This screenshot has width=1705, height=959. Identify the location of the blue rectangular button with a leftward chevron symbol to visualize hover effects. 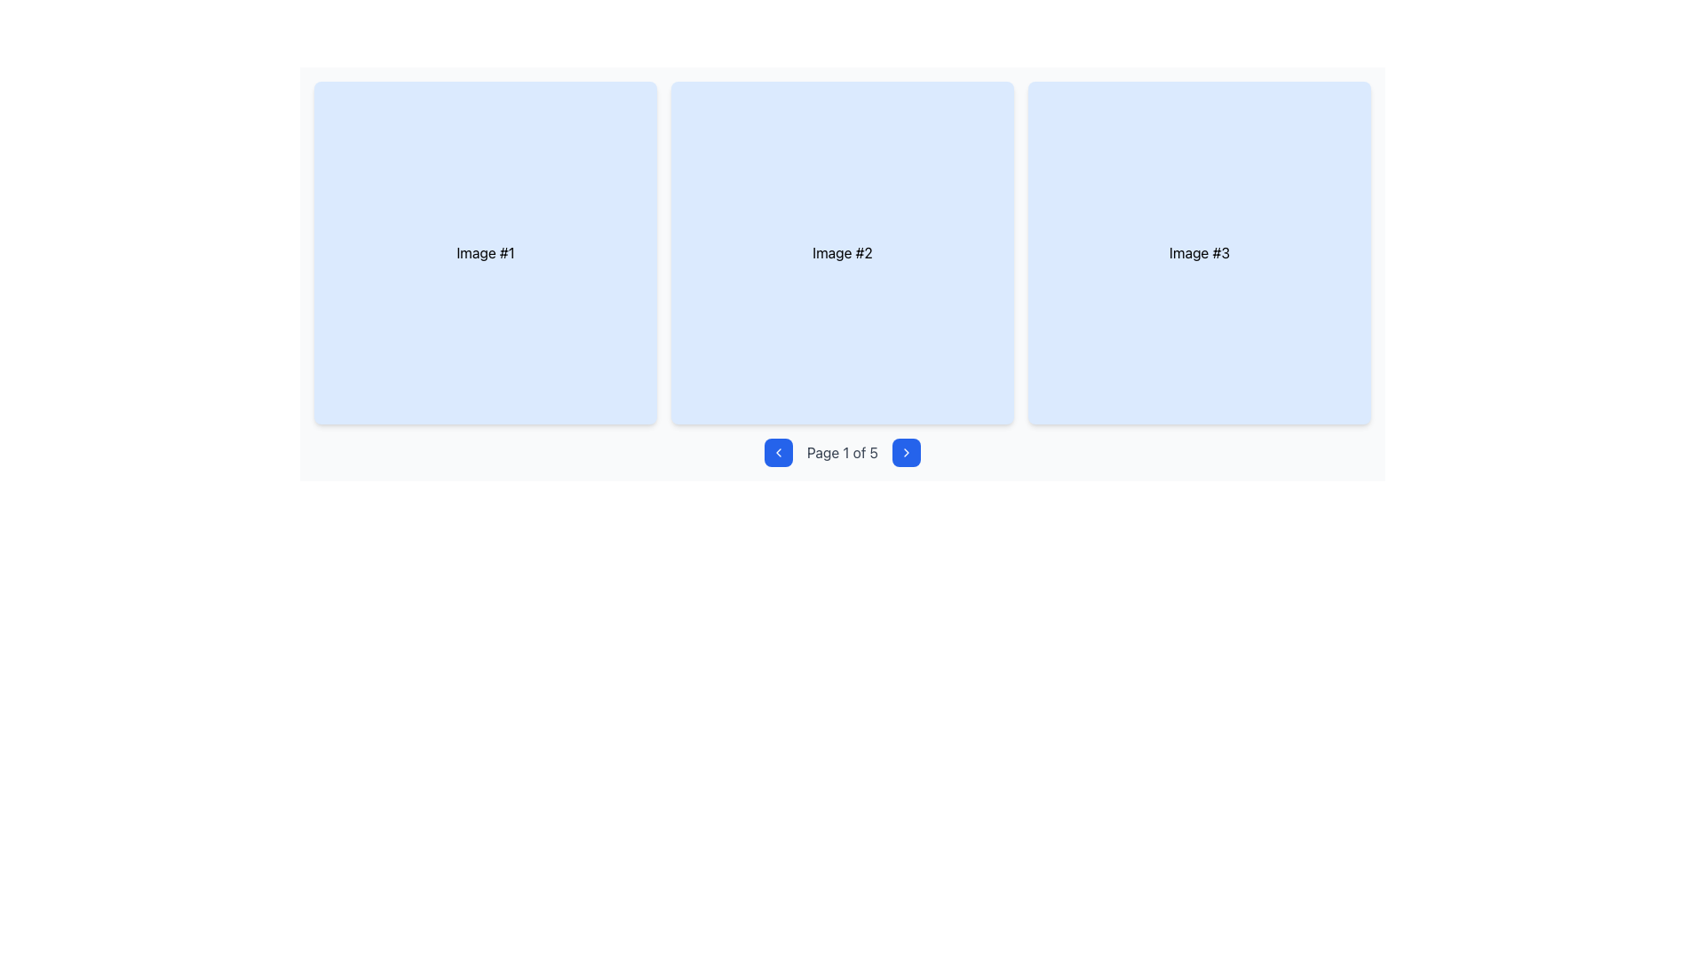
(778, 451).